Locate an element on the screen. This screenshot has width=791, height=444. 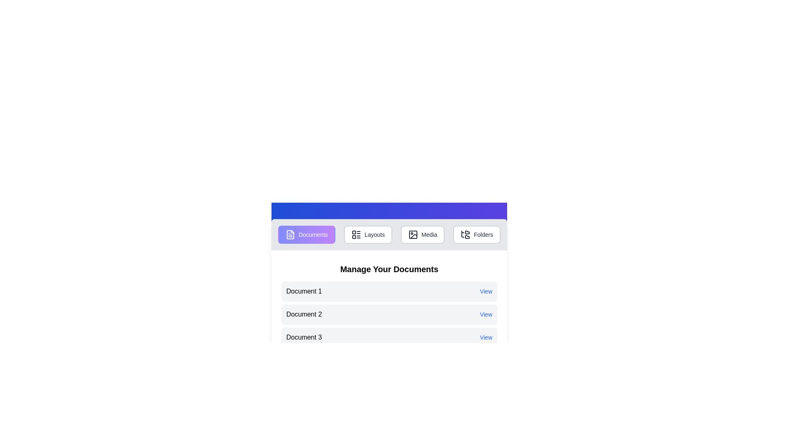
the file icon outline representing a document, located in the navigation bar under the 'Documents' tab is located at coordinates (290, 234).